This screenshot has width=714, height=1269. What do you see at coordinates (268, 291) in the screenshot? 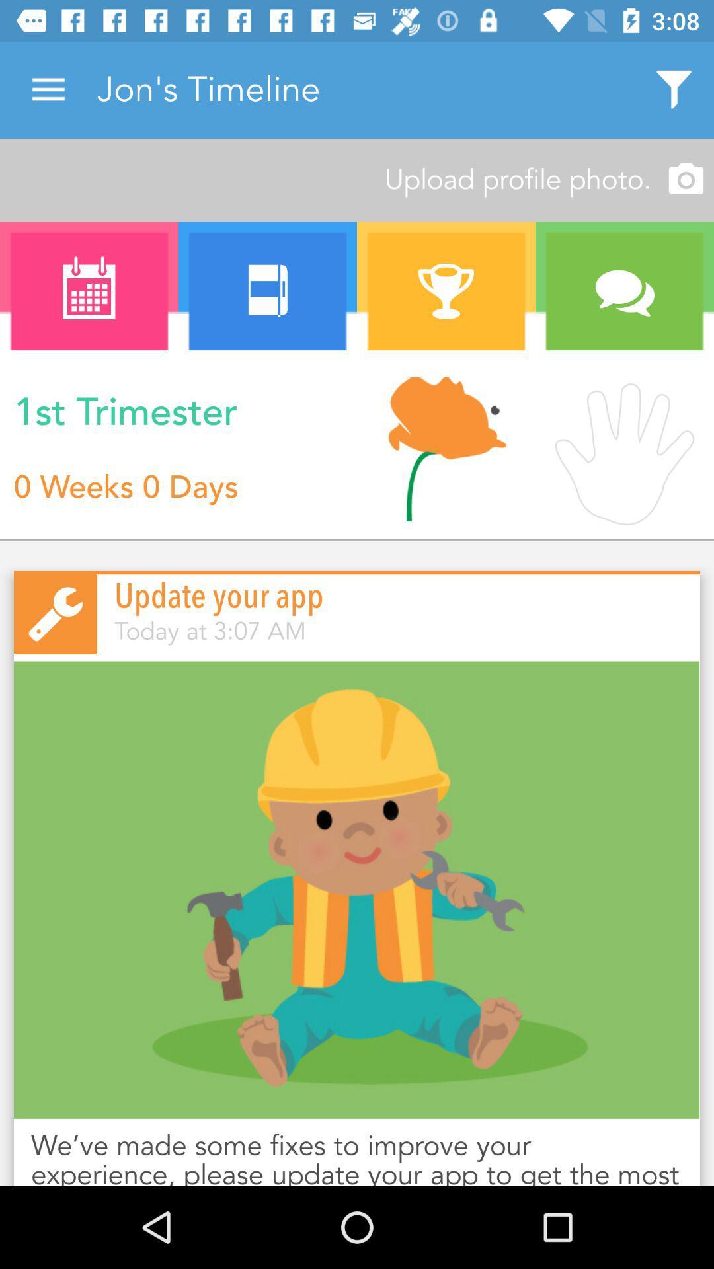
I see `the item to the right of a` at bounding box center [268, 291].